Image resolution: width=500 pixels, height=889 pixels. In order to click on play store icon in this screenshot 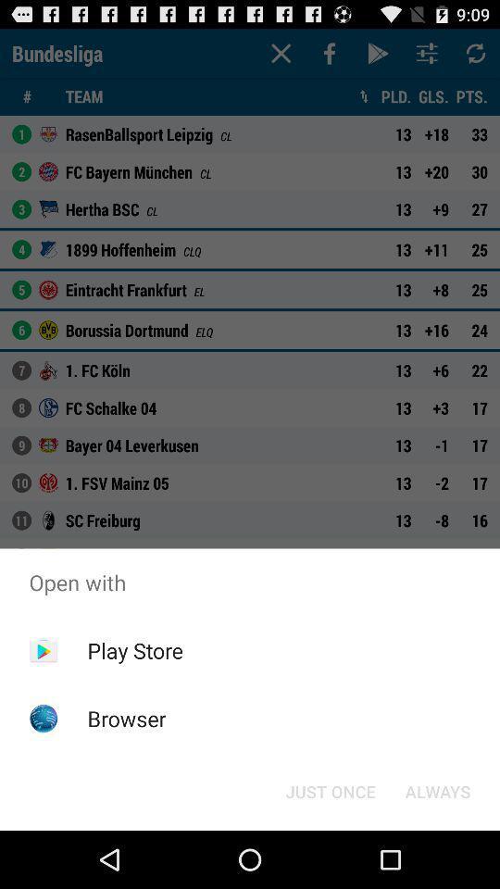, I will do `click(134, 650)`.